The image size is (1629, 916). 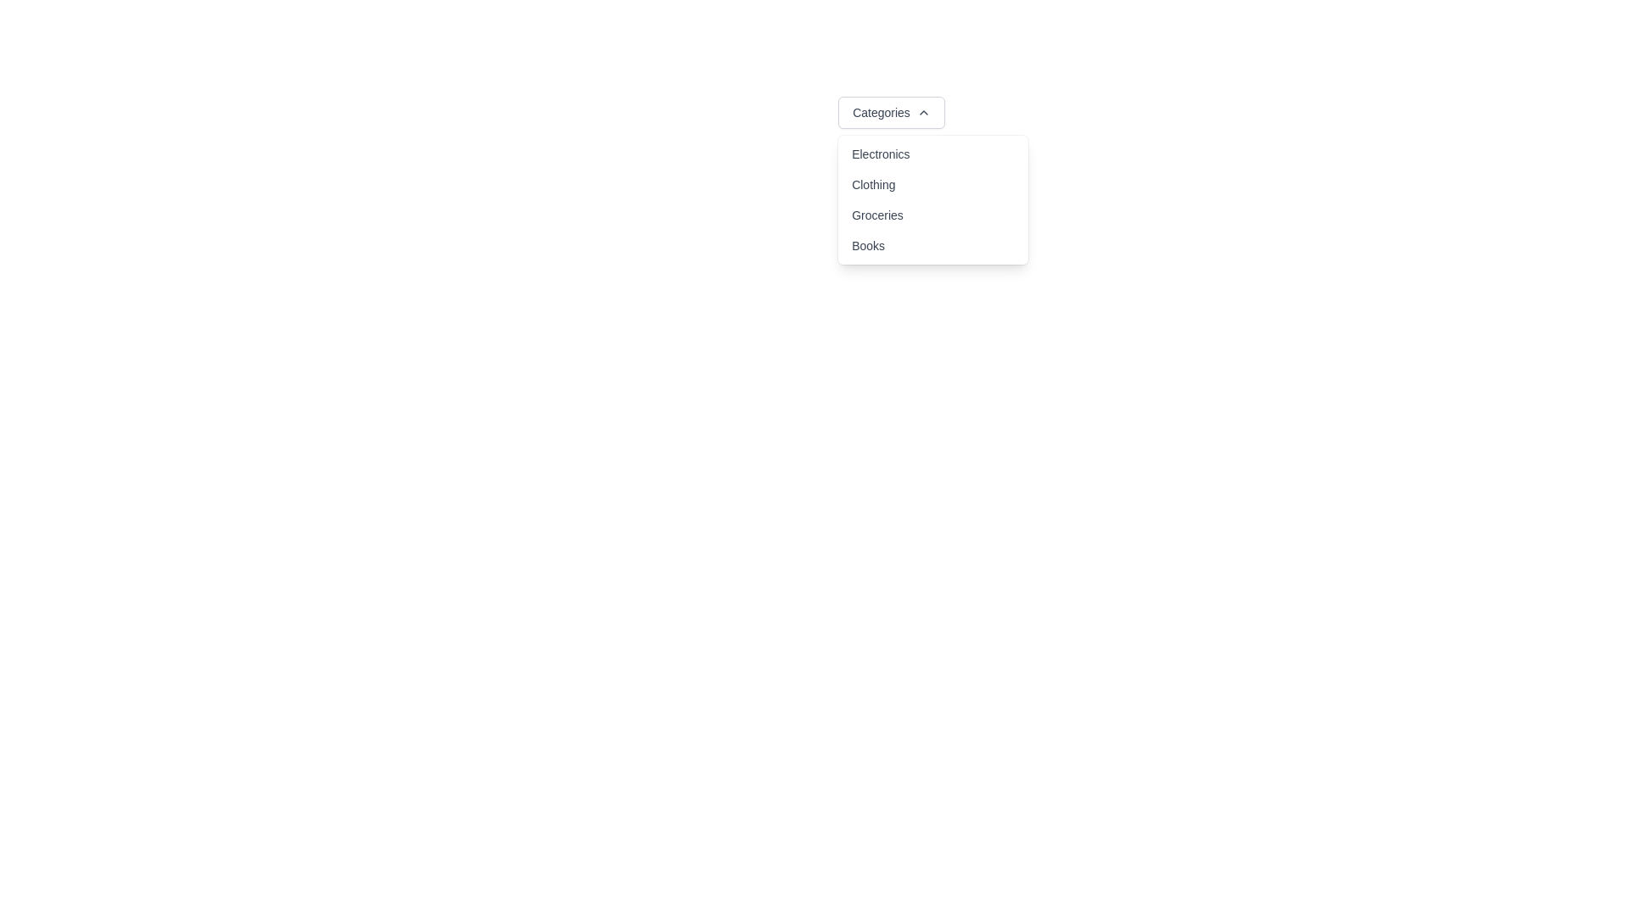 What do you see at coordinates (932, 154) in the screenshot?
I see `the 'Electronics' menu item in the dropdown list` at bounding box center [932, 154].